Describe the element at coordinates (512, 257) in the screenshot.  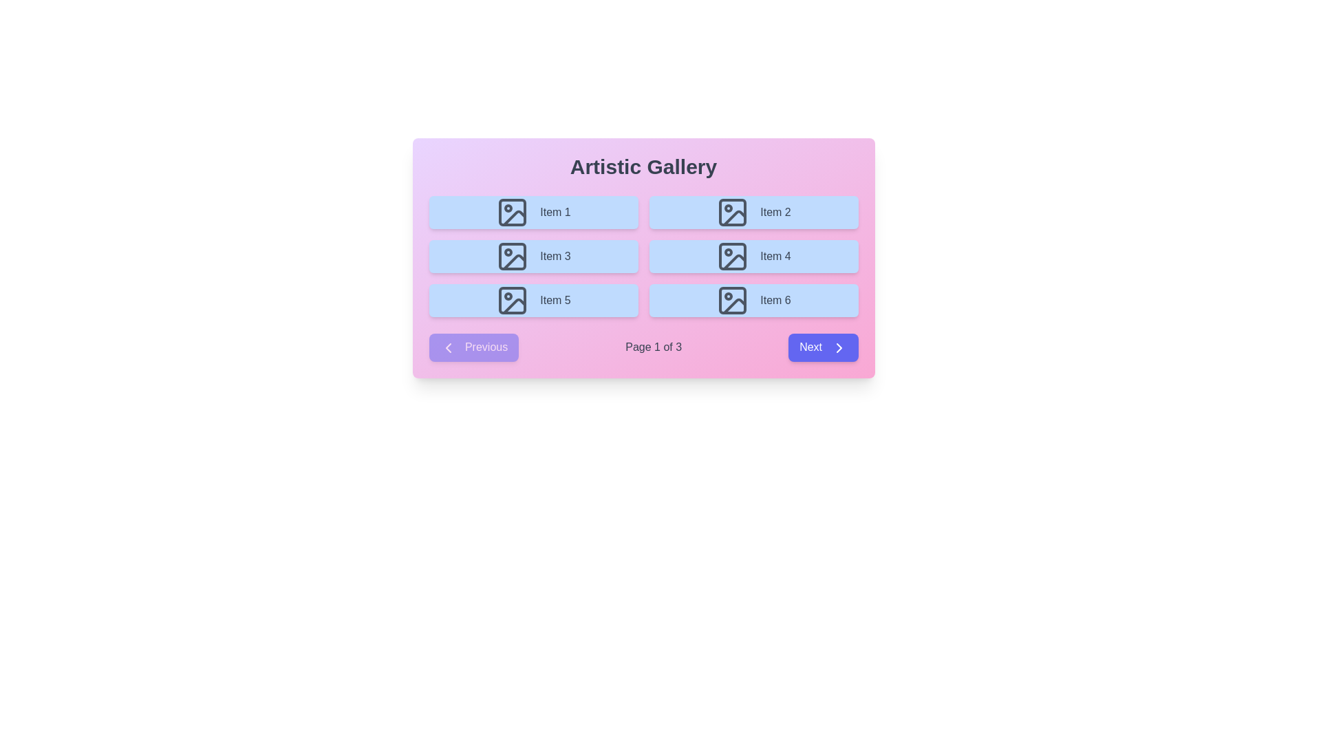
I see `the square UI component with rounded corners that serves as the background for the image icon of Item 3 in the 'Artistic Gallery'` at that location.